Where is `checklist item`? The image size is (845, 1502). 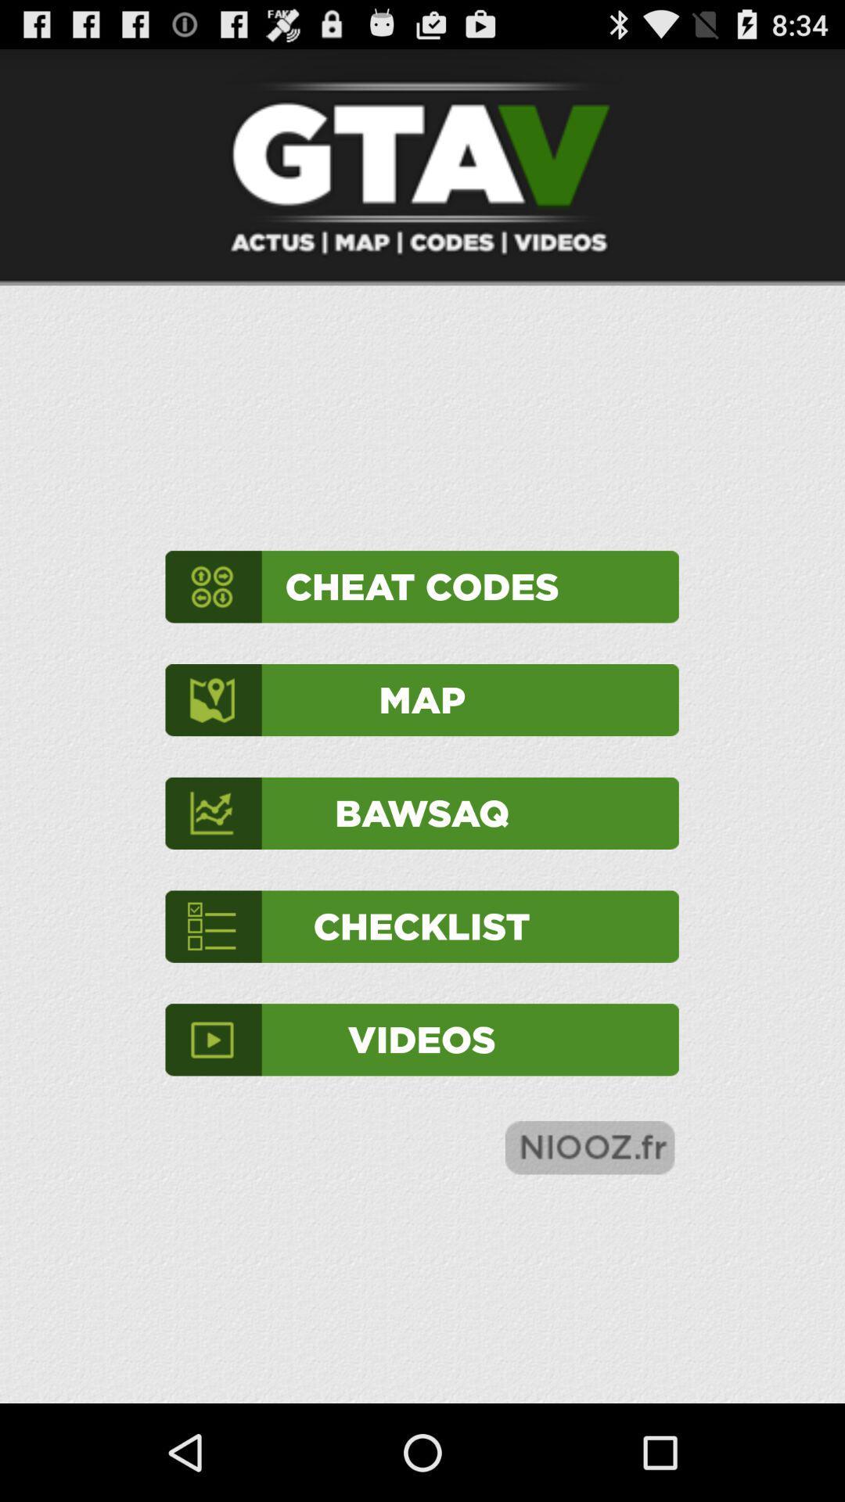 checklist item is located at coordinates (421, 926).